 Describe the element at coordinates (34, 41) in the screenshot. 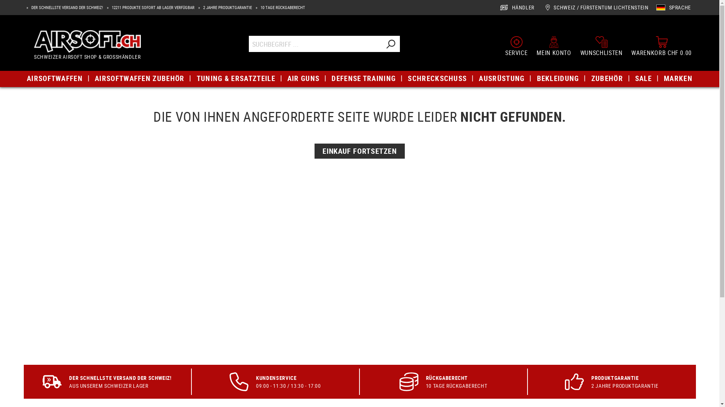

I see `'Airsoft.ch'` at that location.